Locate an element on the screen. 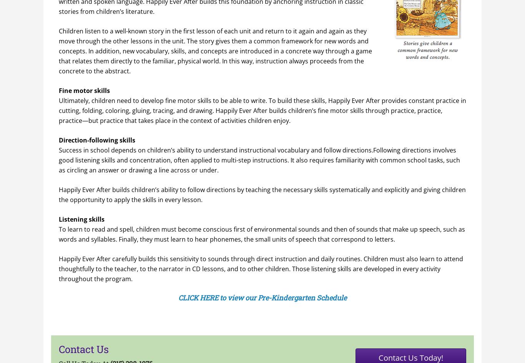  'Children listen to a well-known story in the first lesson of each unit and return to it again and again as they move through the other lessons in the unit. The story gives them a common framework for new words and concepts. In addition, new vocabulary, skills, and concepts are introduced in a concrete way through a game that relates them directly to the familiar, physical world. In this way, instruction always proceeds from the concrete to the abstract.' is located at coordinates (215, 50).